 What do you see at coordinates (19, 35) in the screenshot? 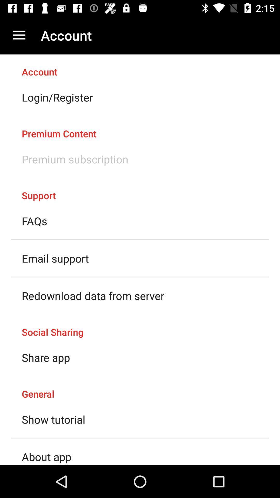
I see `item to the left of account item` at bounding box center [19, 35].